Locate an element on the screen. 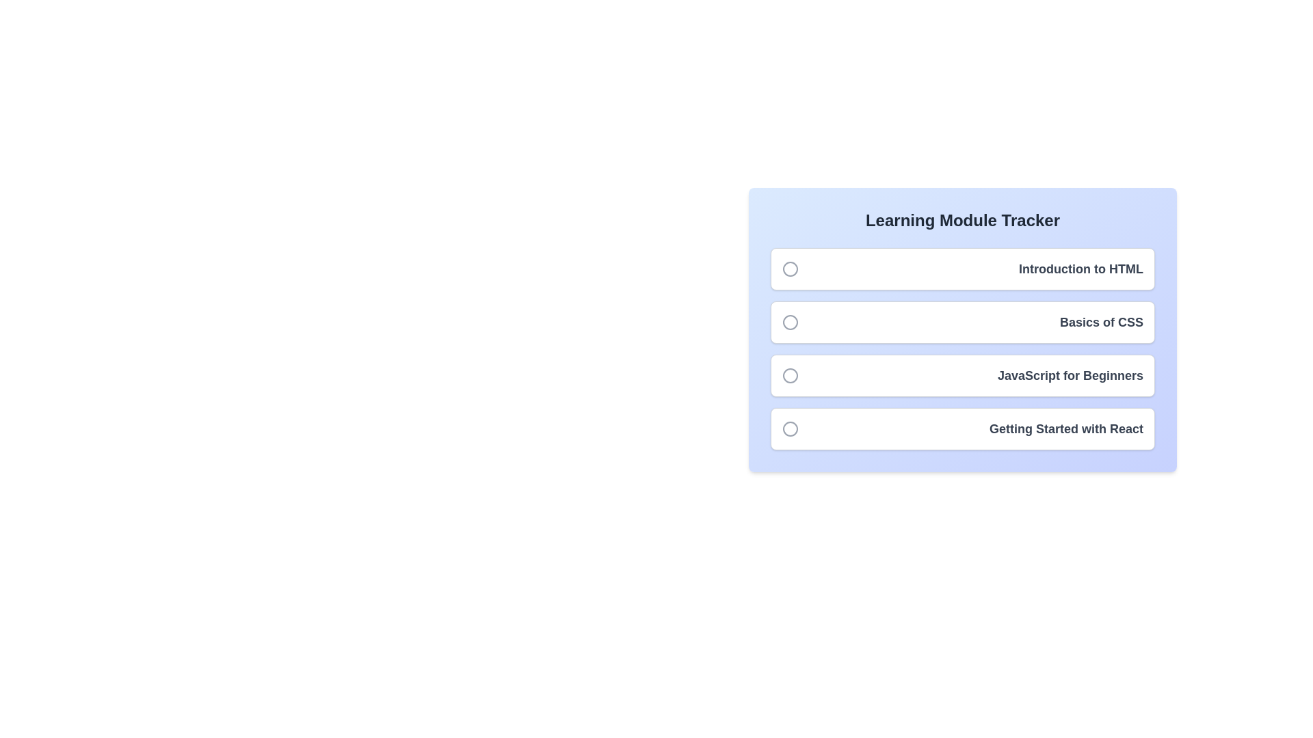 The image size is (1313, 738). the fourth clickable item in the 'Learning Module Tracker' is located at coordinates (961, 428).